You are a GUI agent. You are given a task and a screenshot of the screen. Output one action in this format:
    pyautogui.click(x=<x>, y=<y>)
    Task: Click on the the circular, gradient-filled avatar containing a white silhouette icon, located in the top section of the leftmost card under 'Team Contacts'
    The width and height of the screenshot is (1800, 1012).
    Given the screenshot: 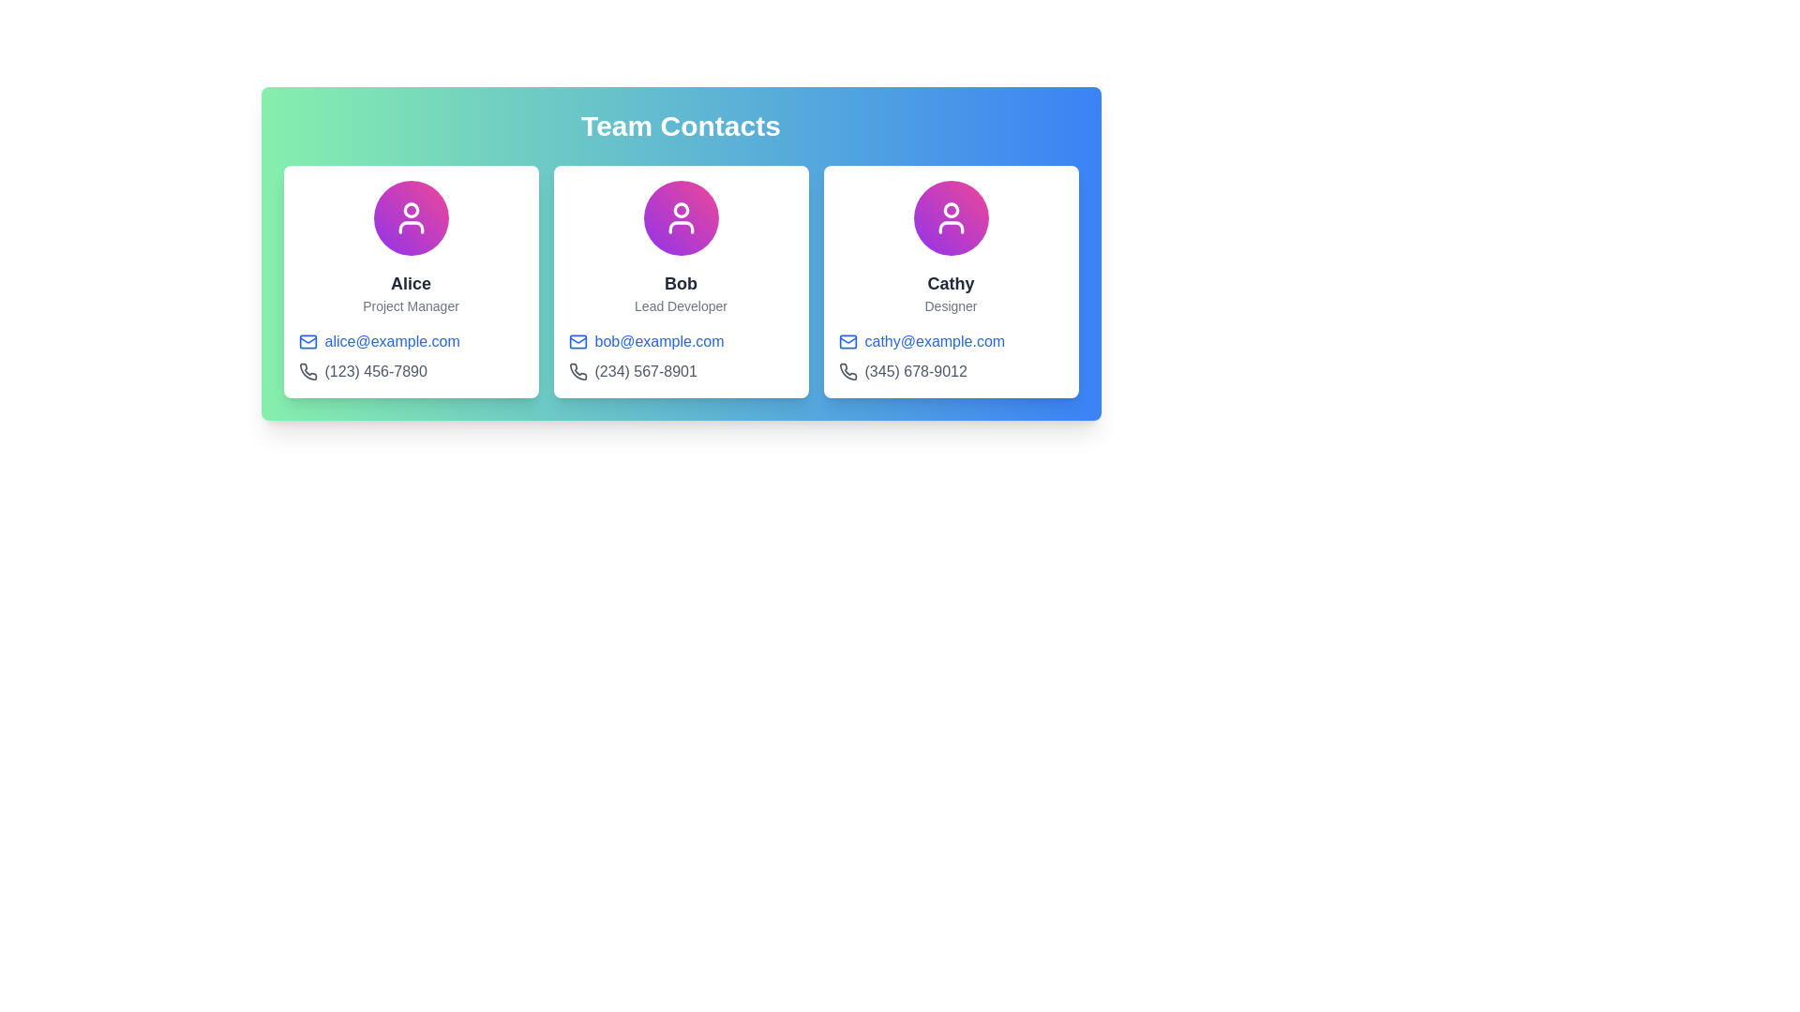 What is the action you would take?
    pyautogui.click(x=410, y=216)
    